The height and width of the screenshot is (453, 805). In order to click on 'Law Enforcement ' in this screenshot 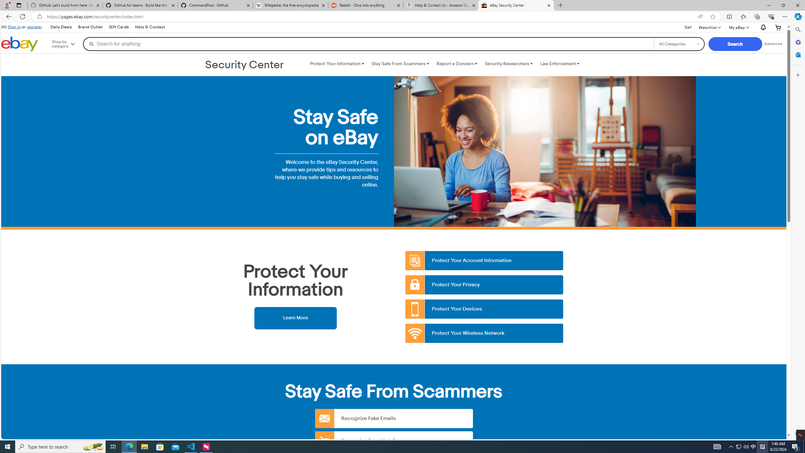, I will do `click(560, 64)`.